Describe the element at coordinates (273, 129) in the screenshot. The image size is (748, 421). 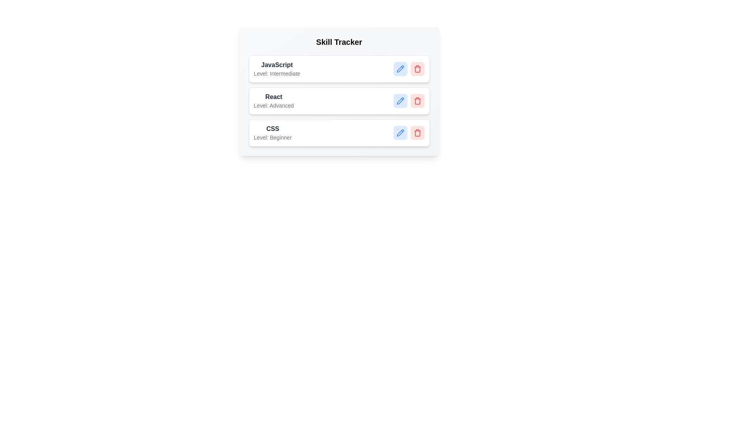
I see `the text of a skill name CSS` at that location.